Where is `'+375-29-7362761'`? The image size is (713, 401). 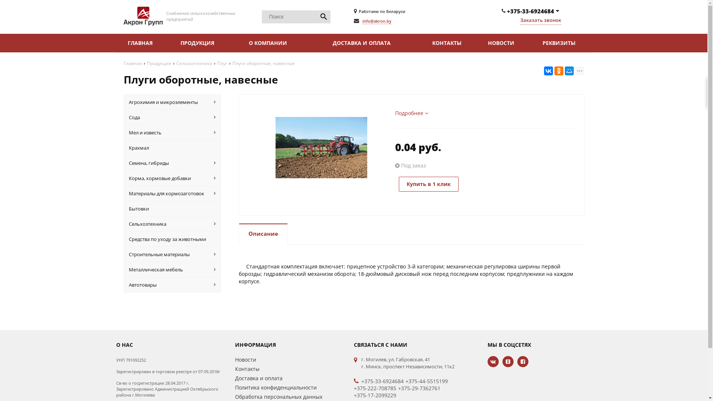 '+375-29-7362761' is located at coordinates (419, 388).